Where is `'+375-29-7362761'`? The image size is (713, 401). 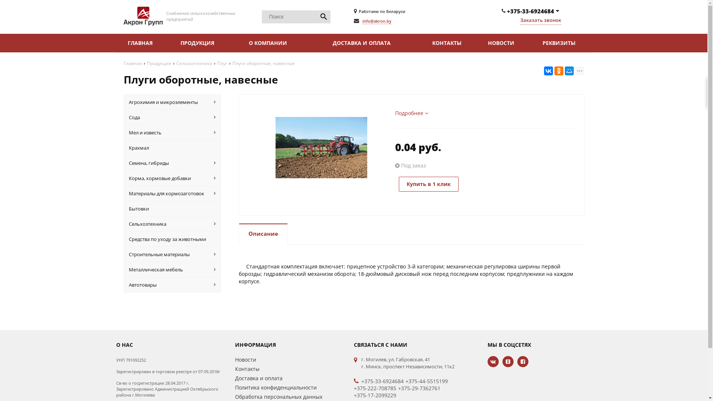 '+375-29-7362761' is located at coordinates (419, 388).